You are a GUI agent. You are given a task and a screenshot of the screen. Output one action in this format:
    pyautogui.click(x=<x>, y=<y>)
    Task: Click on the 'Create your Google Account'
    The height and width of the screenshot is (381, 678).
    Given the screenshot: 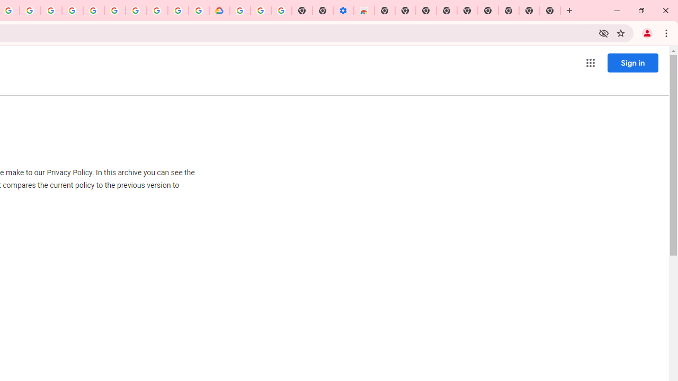 What is the action you would take?
    pyautogui.click(x=30, y=11)
    